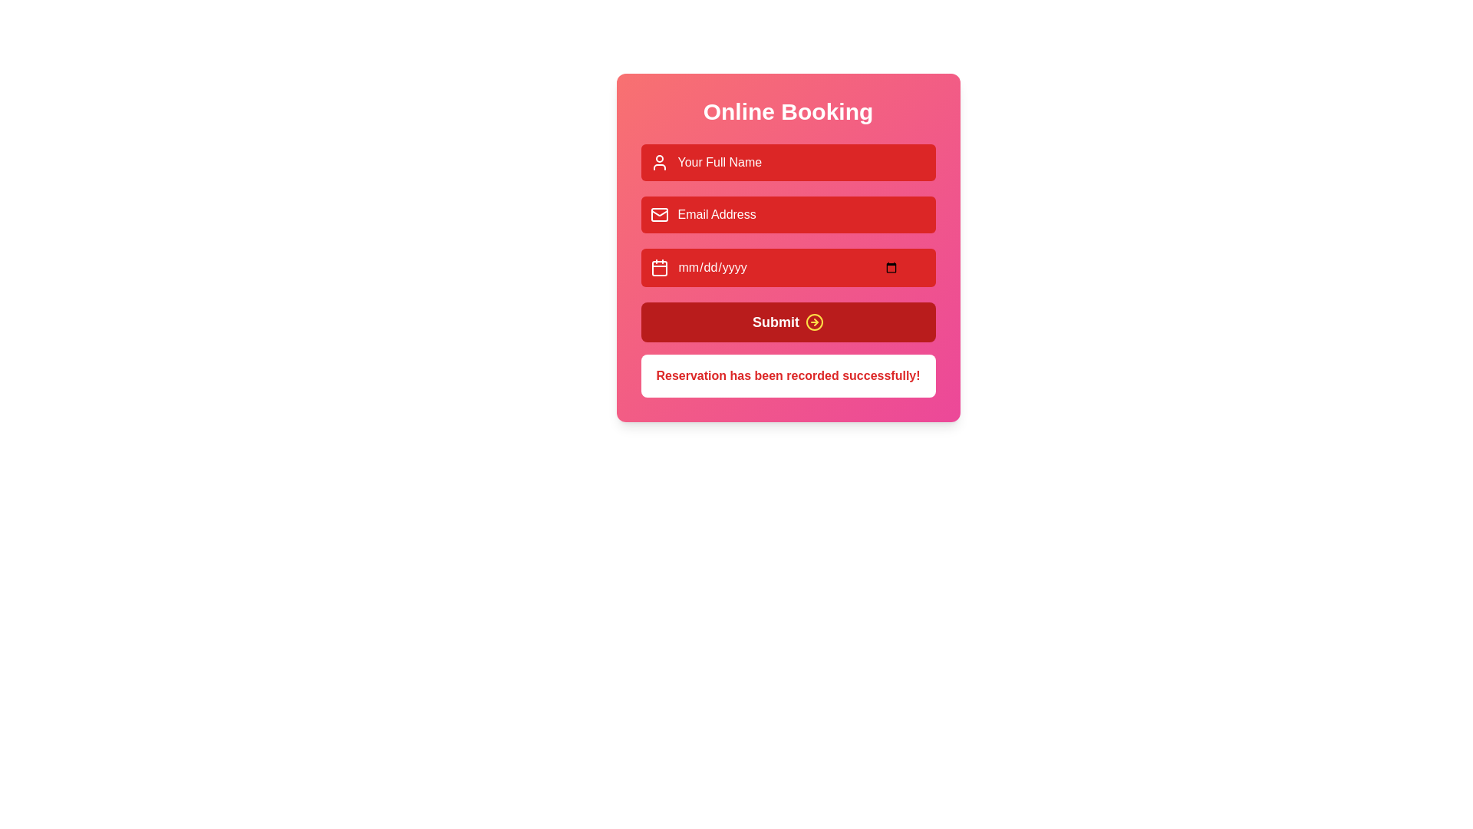 This screenshot has height=829, width=1473. Describe the element at coordinates (788, 247) in the screenshot. I see `the date input field in the 'Online Booking' form to bring up the date picker` at that location.